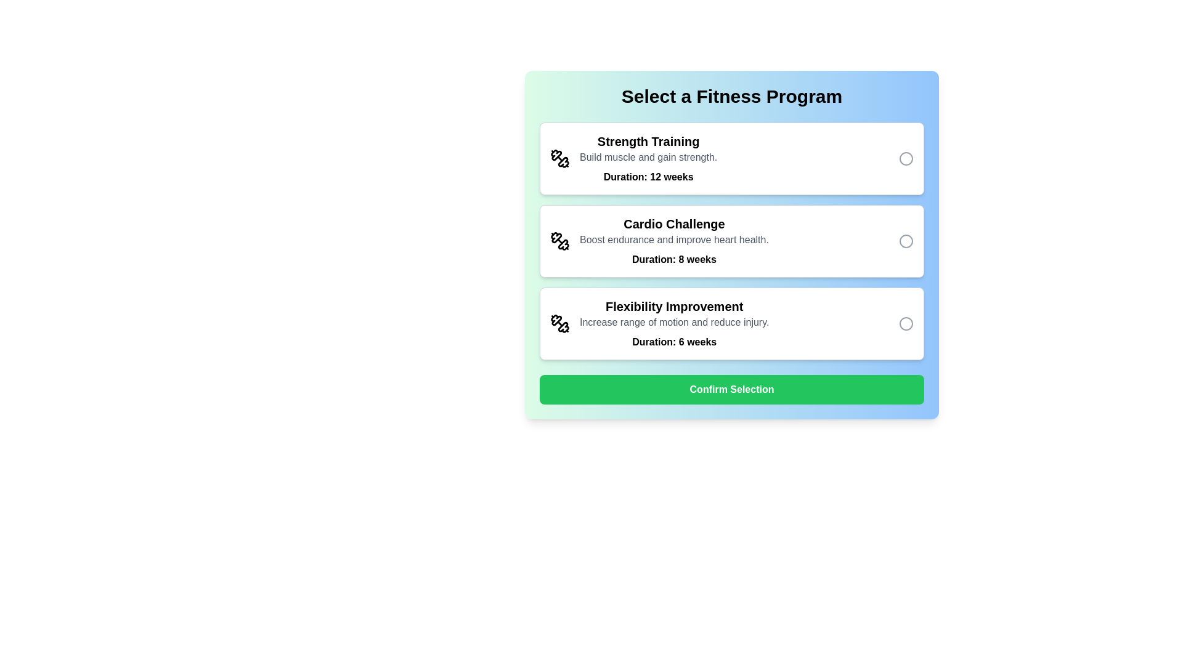 This screenshot has width=1183, height=665. I want to click on the text label displaying 'Boost endurance and improve heart health.' located below the title 'Cardio Challenge' in the fitness programs list, so click(673, 240).